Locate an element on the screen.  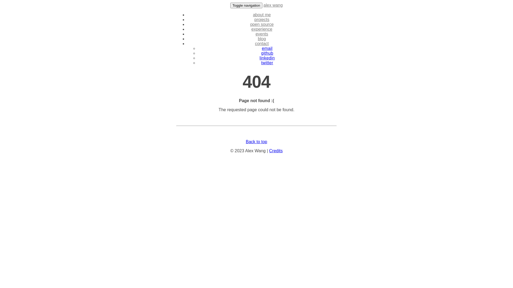
'about me' is located at coordinates (252, 14).